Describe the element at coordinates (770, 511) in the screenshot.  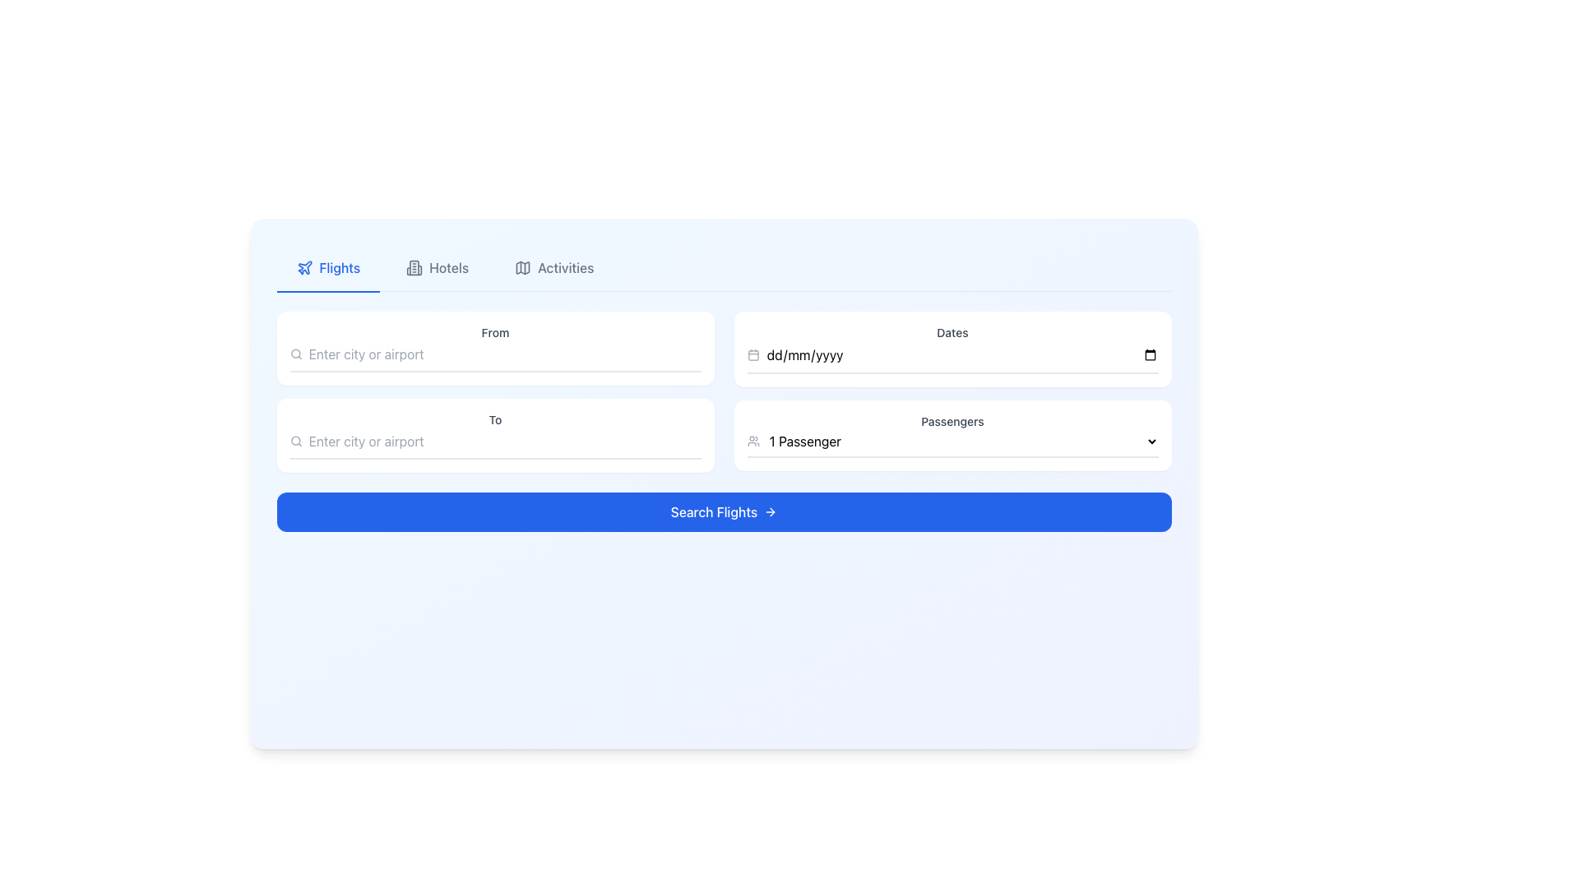
I see `the blue button labeled 'Search Flights' that contains the right-arrow icon` at that location.